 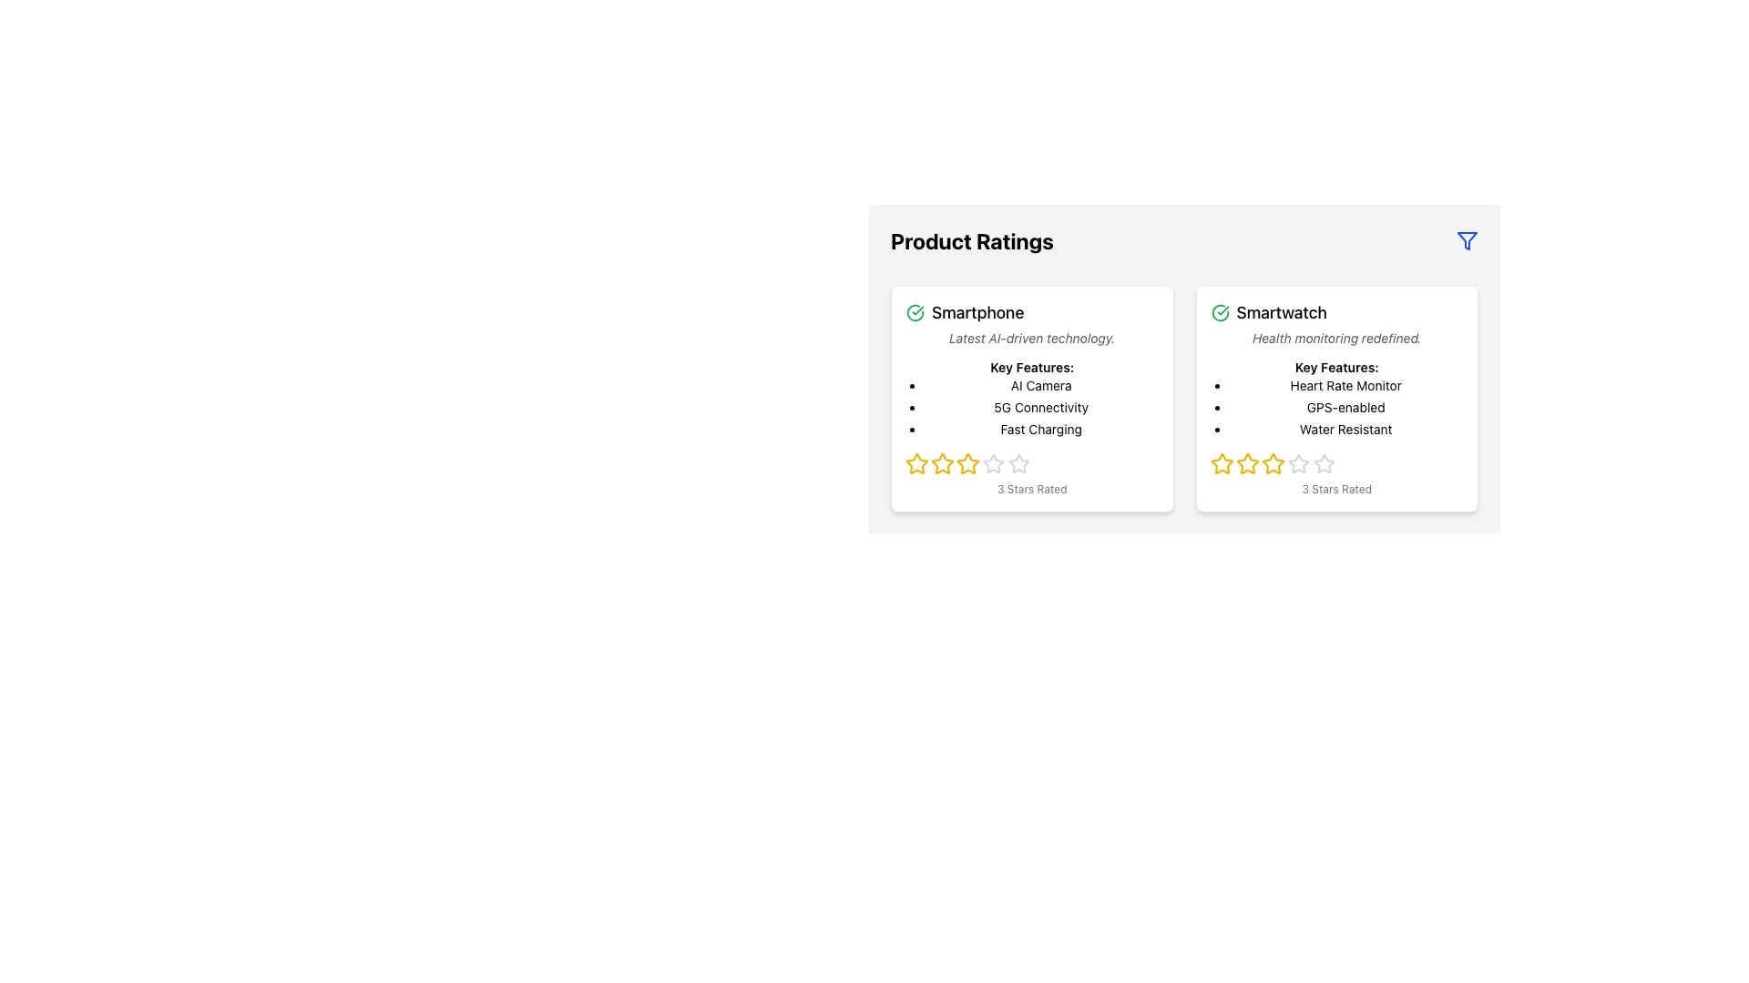 What do you see at coordinates (917, 462) in the screenshot?
I see `the first yellow star icon in the Smartphone ratings section for possible interaction` at bounding box center [917, 462].